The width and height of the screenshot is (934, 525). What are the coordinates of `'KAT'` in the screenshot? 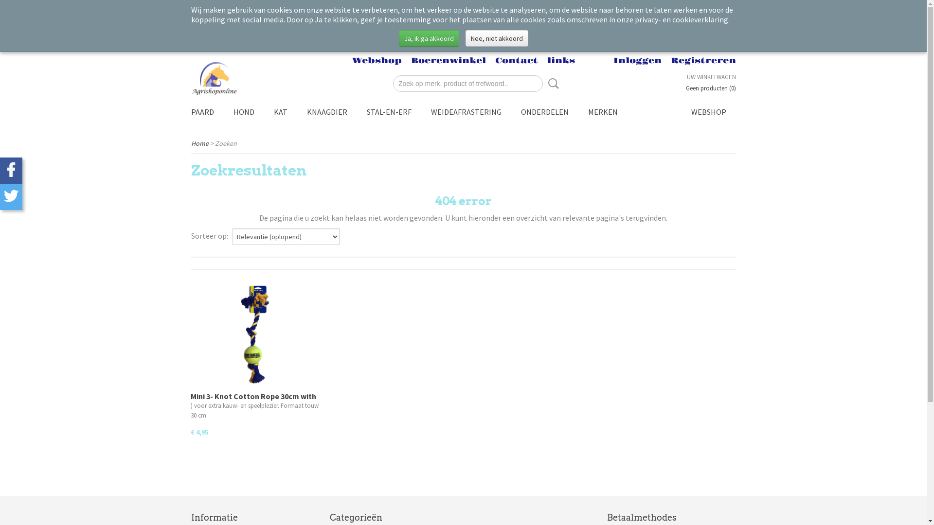 It's located at (264, 111).